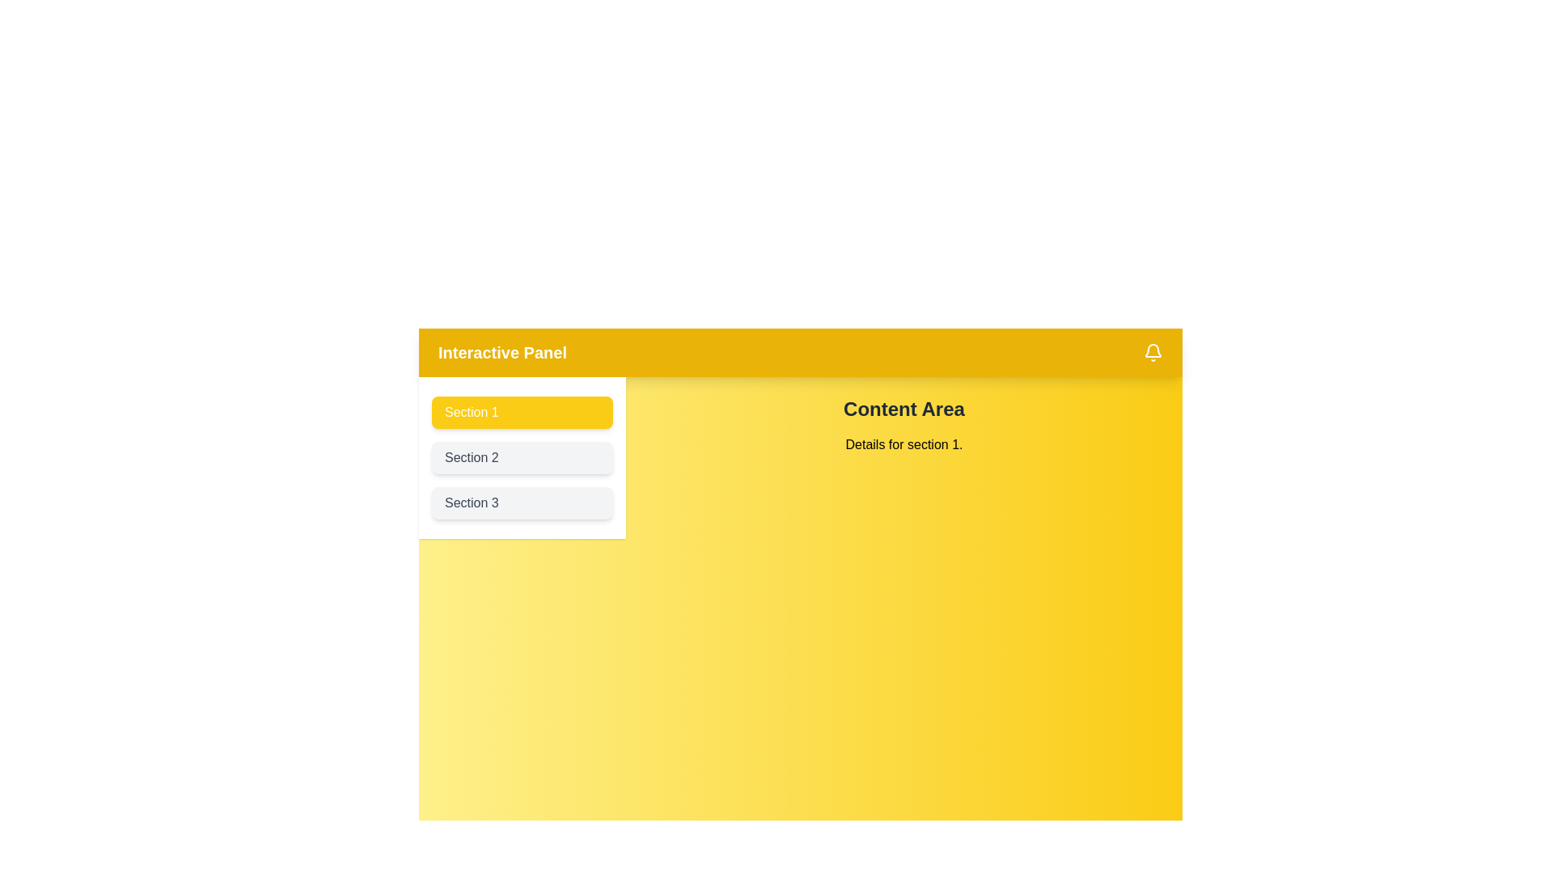 Image resolution: width=1553 pixels, height=874 pixels. Describe the element at coordinates (523, 502) in the screenshot. I see `the 'Section 3' button, which is a light gray rectangular button with rounded corners, located in a vertical stack of buttons in a white panel` at that location.